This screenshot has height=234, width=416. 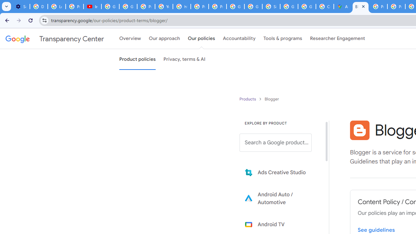 I want to click on 'Search a Google product from below list.', so click(x=276, y=142).